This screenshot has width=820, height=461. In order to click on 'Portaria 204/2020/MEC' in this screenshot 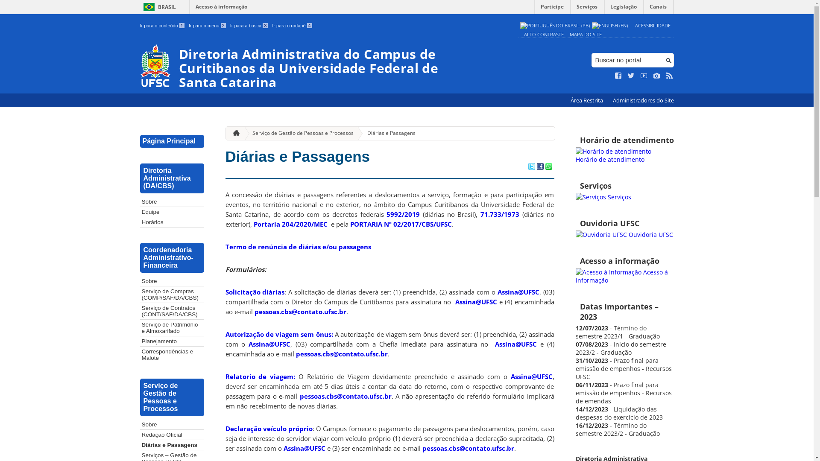, I will do `click(253, 223)`.